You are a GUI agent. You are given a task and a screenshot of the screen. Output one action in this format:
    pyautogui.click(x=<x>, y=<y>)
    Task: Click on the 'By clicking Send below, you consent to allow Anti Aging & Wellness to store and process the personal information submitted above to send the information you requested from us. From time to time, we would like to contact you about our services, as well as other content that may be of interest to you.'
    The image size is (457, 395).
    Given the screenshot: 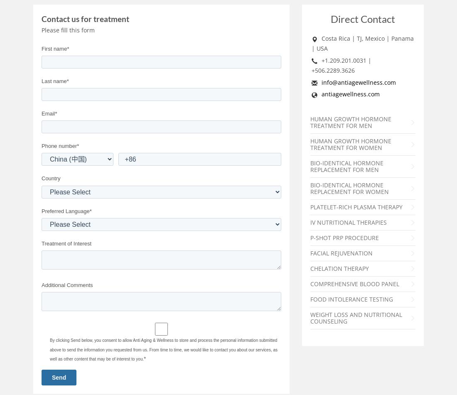 What is the action you would take?
    pyautogui.click(x=164, y=349)
    